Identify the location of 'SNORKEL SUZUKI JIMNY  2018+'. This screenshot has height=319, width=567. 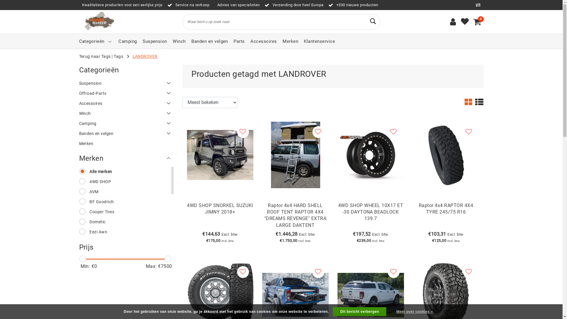
(219, 154).